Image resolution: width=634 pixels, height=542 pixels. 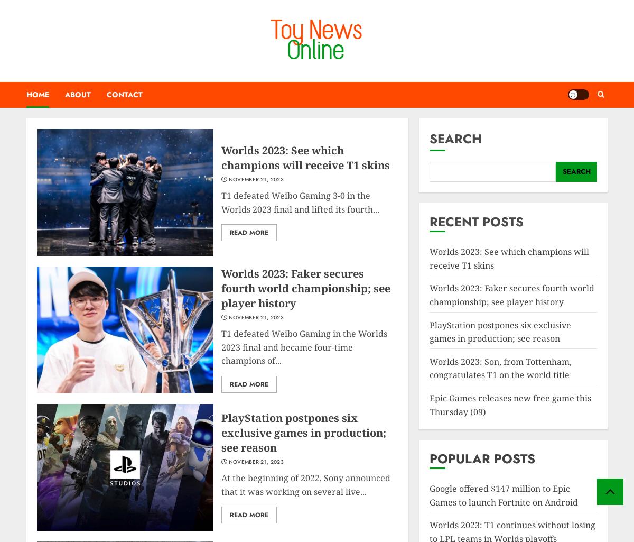 I want to click on 'T1 defeated Weibo Gaming 3-0 in the Worlds 2023 final and lifted its fourth...', so click(x=300, y=202).